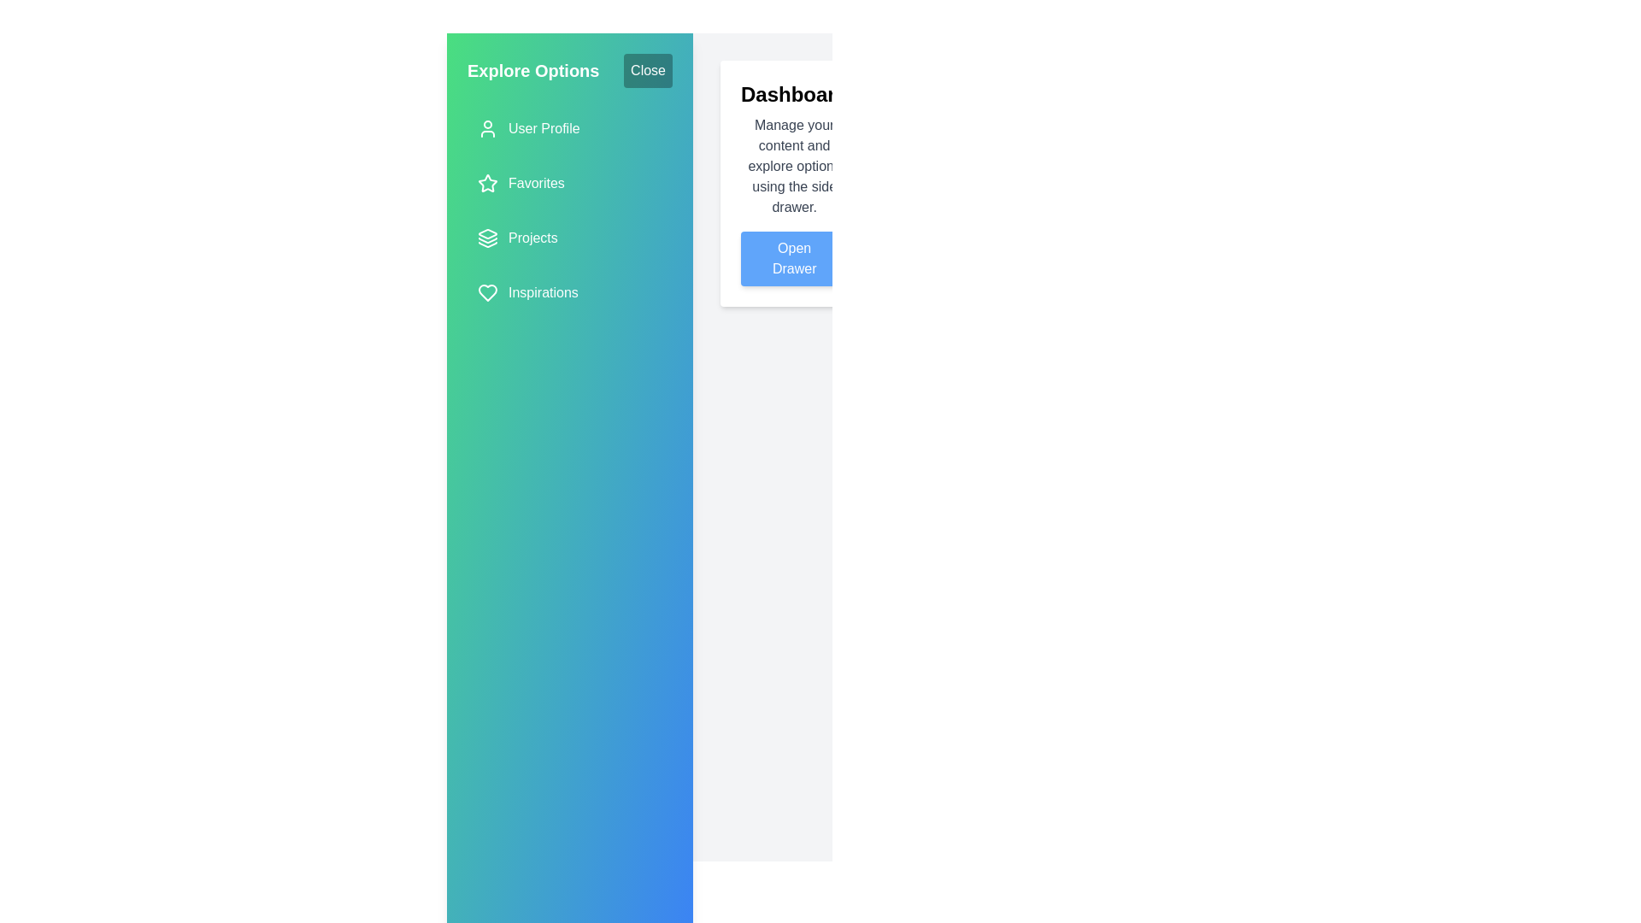  Describe the element at coordinates (570, 292) in the screenshot. I see `the navigation item Inspirations from the drawer` at that location.